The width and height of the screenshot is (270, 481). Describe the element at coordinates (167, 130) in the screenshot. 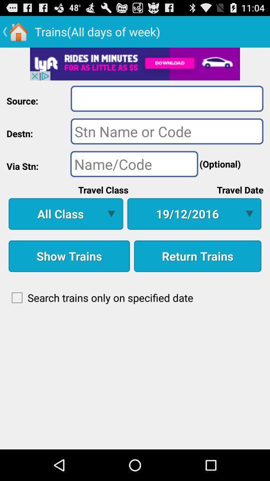

I see `text to enter text` at that location.